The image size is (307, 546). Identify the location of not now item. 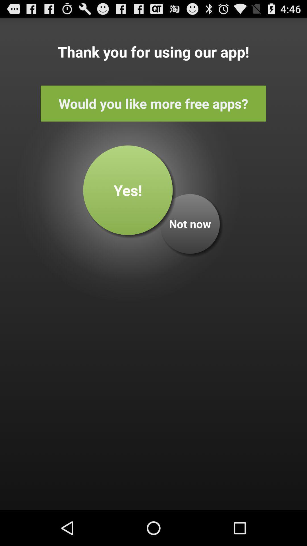
(190, 224).